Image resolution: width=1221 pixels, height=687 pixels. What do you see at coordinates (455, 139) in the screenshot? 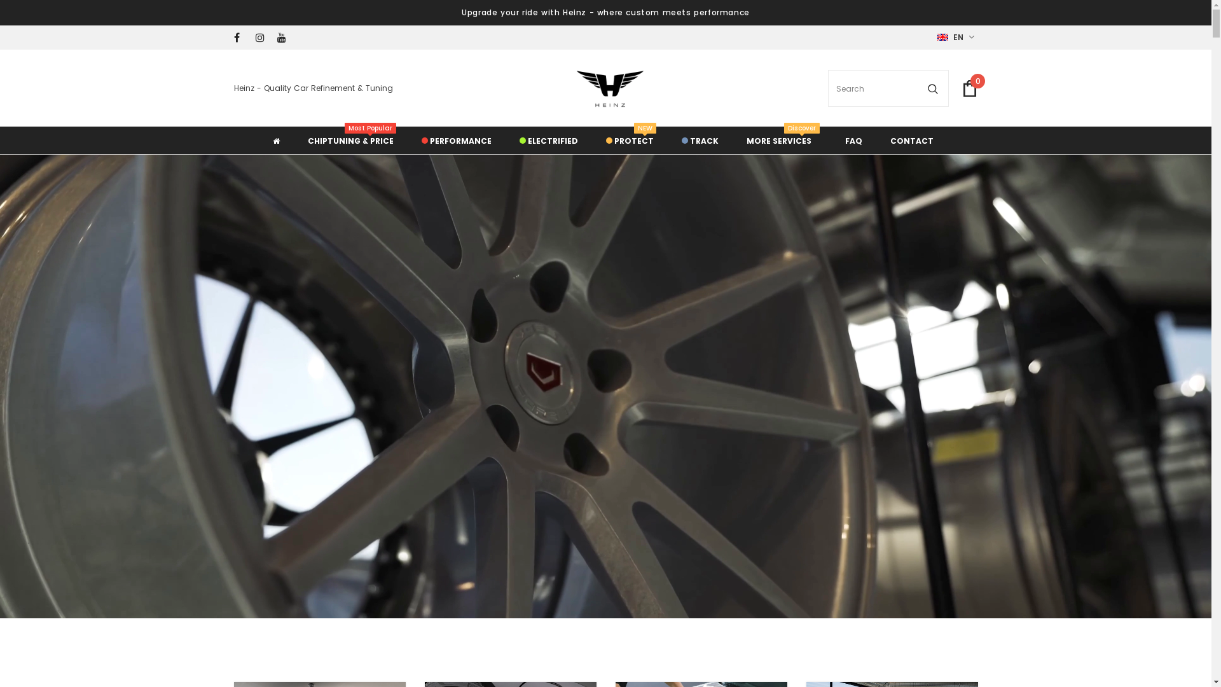
I see `'PERFORMANCE'` at bounding box center [455, 139].